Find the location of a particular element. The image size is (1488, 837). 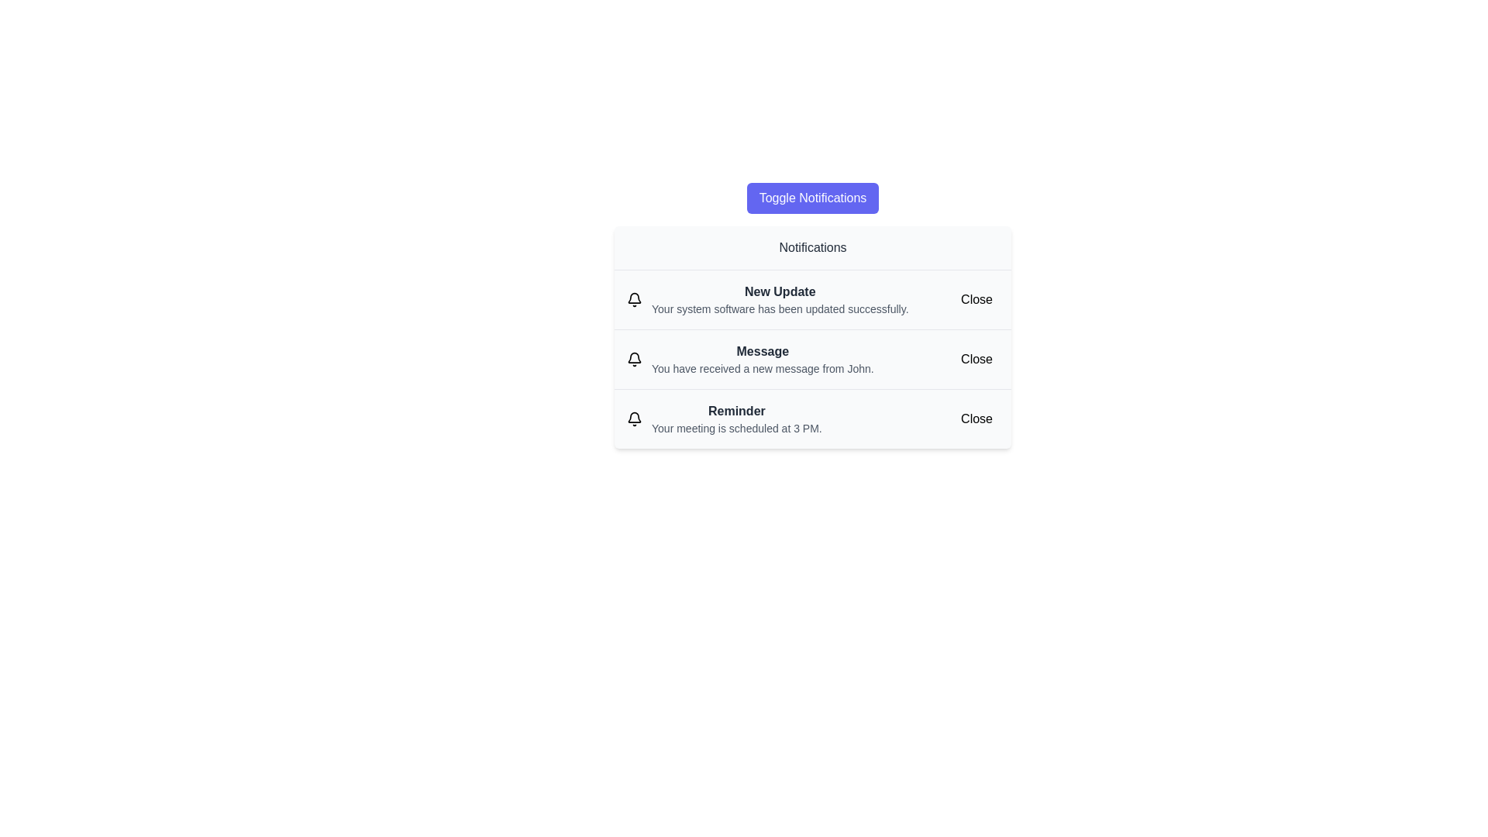

the first notification entry that informs the user about the successful update of the system software is located at coordinates (780, 299).